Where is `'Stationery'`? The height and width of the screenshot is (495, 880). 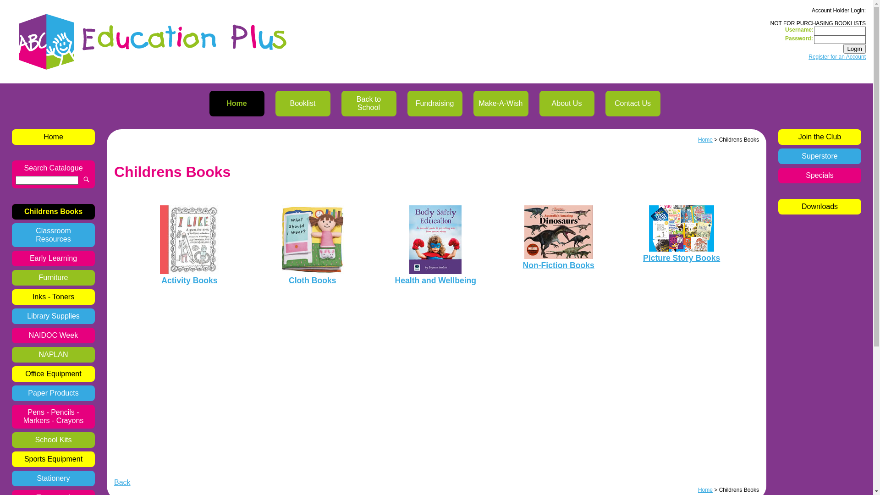 'Stationery' is located at coordinates (53, 478).